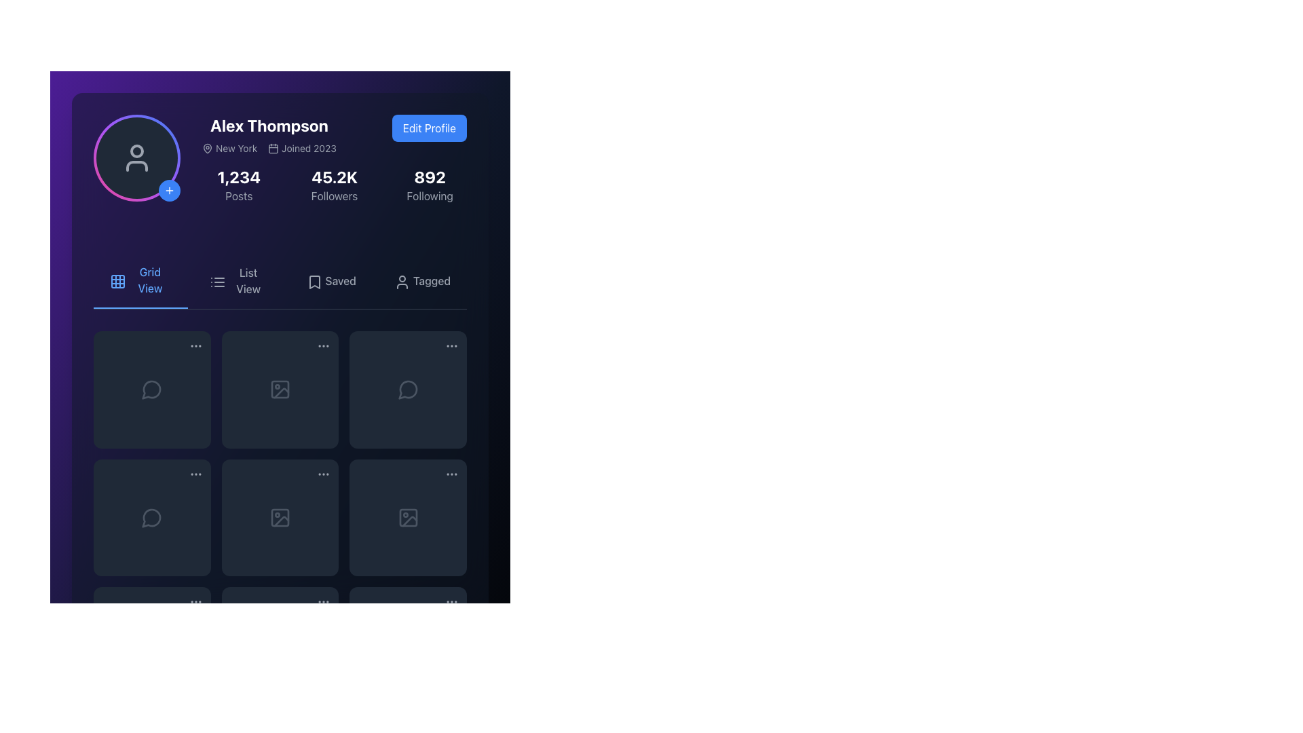 Image resolution: width=1303 pixels, height=733 pixels. I want to click on the speech bubble icon located in the bottom-left cell of the icon grid, so click(151, 518).